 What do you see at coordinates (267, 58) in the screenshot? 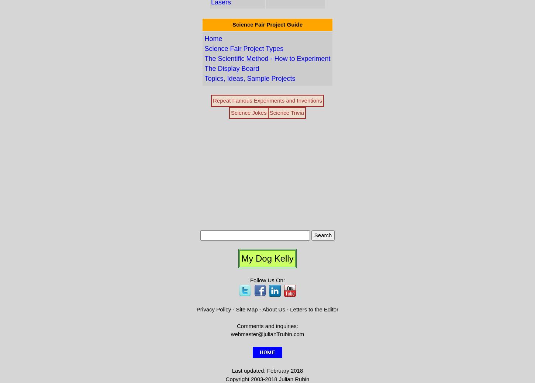
I see `'The Scientific Method - How to Experiment'` at bounding box center [267, 58].